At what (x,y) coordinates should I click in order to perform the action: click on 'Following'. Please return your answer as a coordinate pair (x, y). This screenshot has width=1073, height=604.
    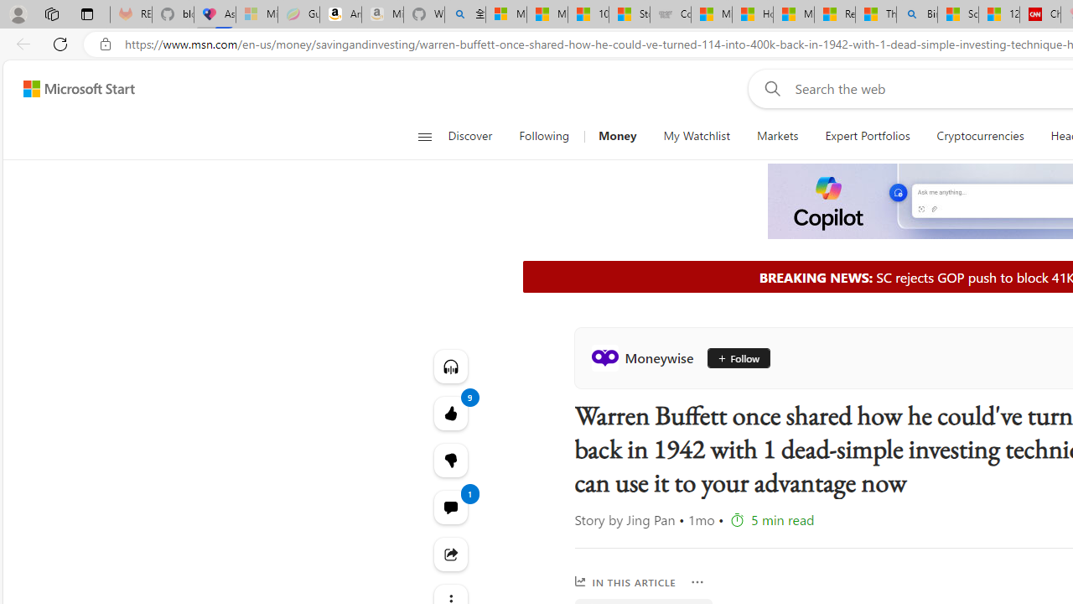
    Looking at the image, I should click on (543, 136).